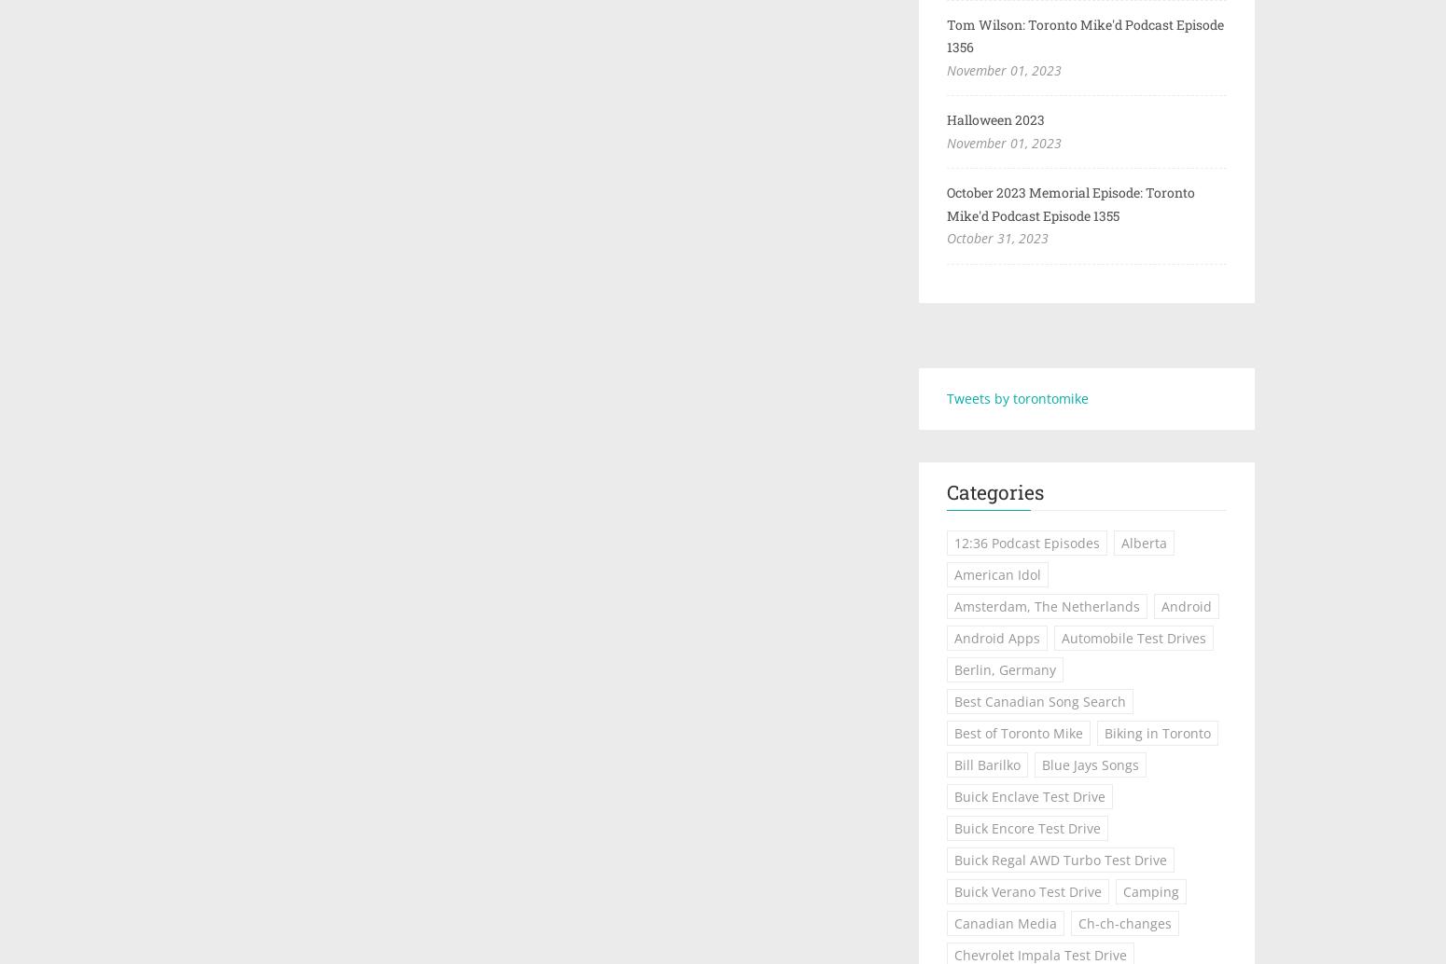 Image resolution: width=1446 pixels, height=964 pixels. I want to click on 'Buick Regal AWD Turbo Test Drive', so click(1059, 859).